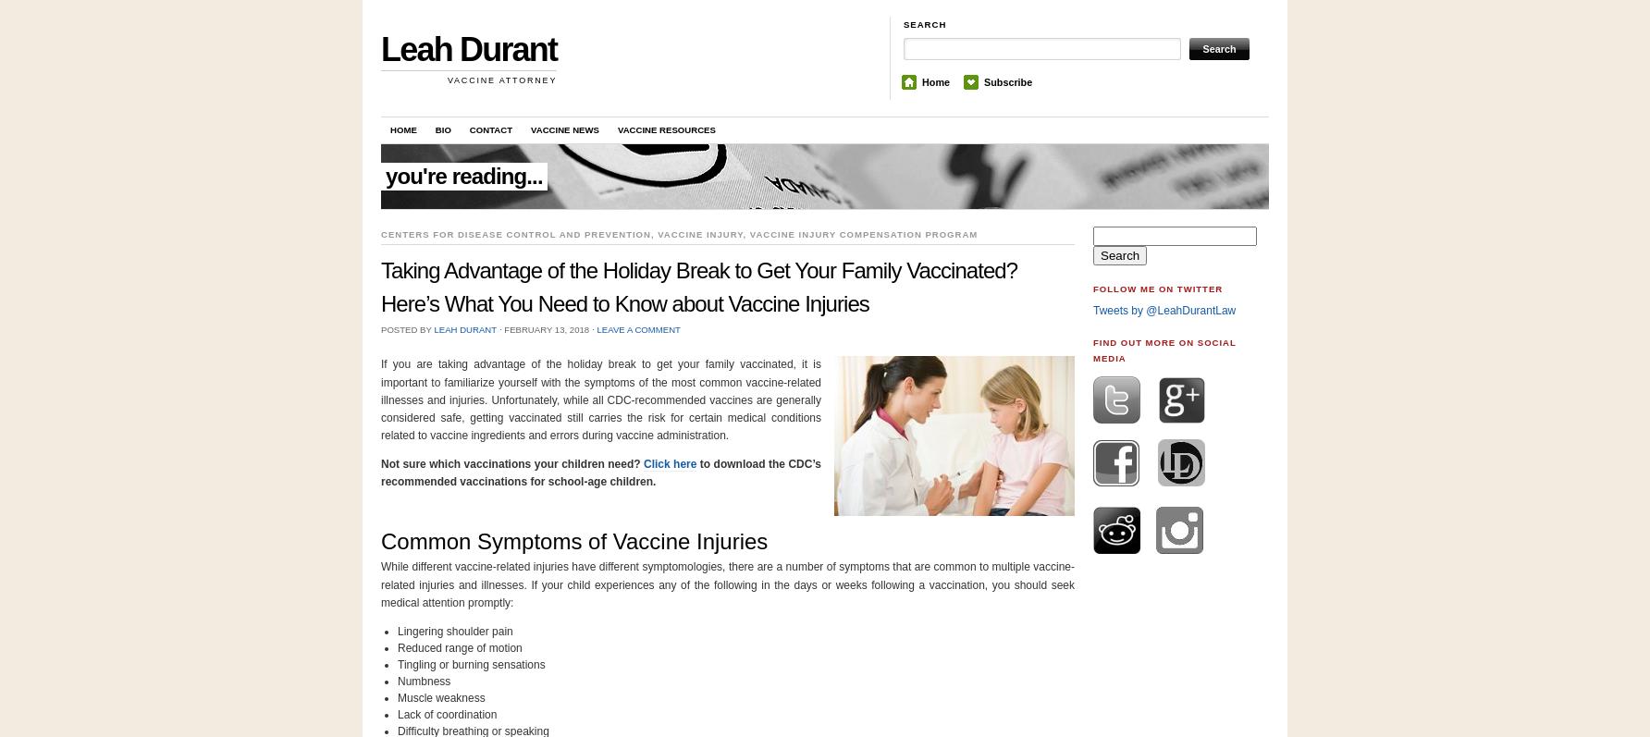  Describe the element at coordinates (447, 713) in the screenshot. I see `'Lack of coordination'` at that location.